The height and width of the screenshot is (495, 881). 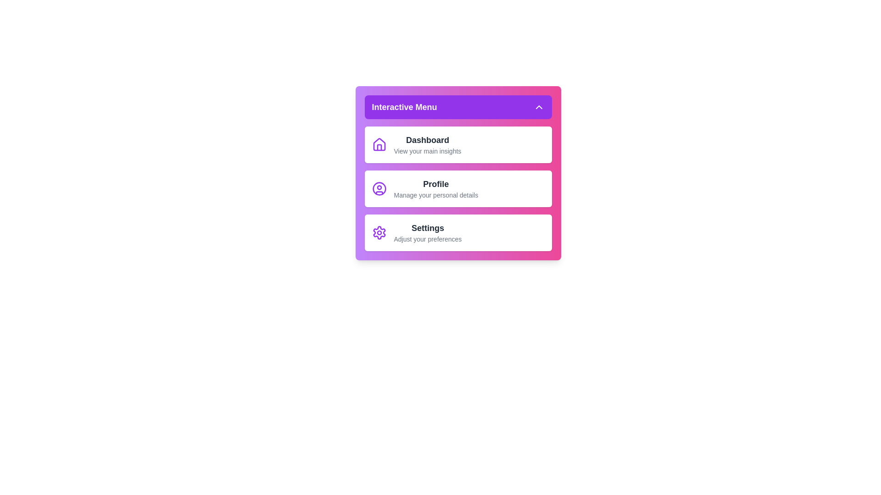 What do you see at coordinates (379, 232) in the screenshot?
I see `the icon of the menu item labeled Settings` at bounding box center [379, 232].